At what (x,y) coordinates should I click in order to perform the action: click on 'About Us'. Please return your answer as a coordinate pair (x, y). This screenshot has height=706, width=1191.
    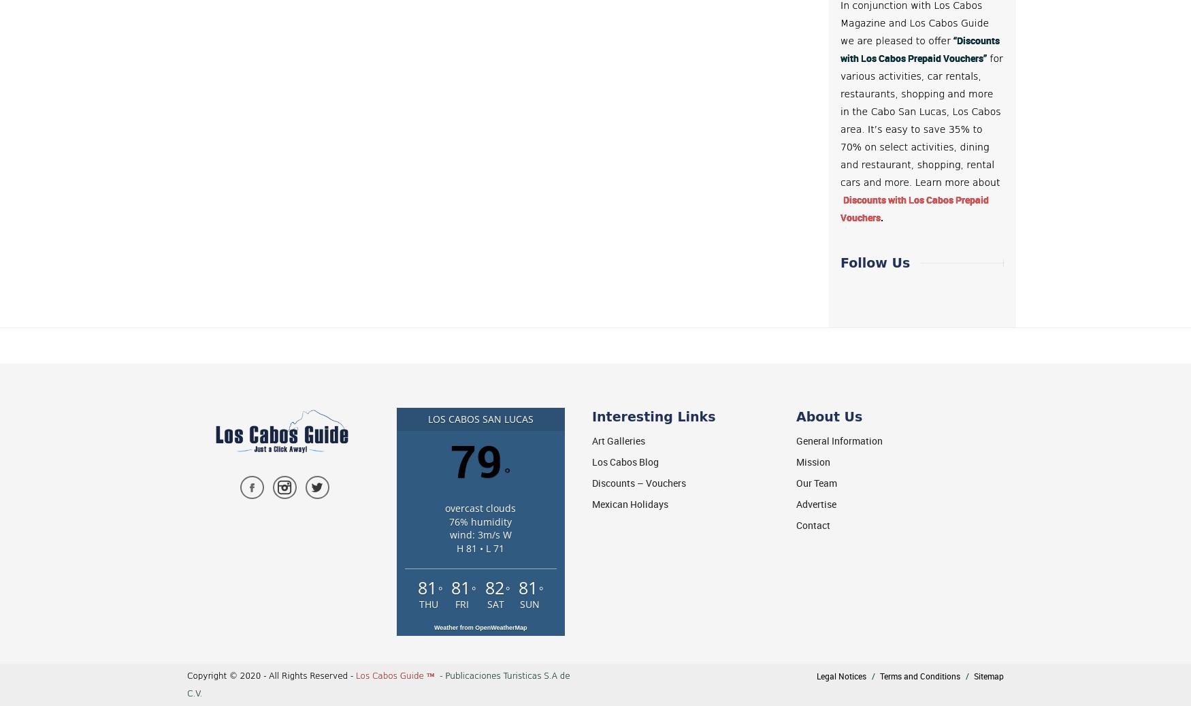
    Looking at the image, I should click on (829, 417).